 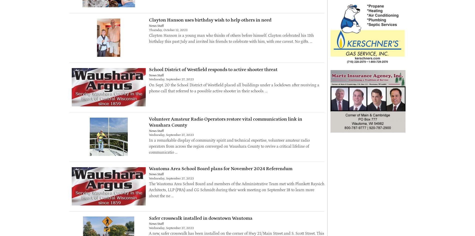 I want to click on 'Clayton Hanson is a young man who thinks of others before himself. Clayton celebrated his 11th birthday this past July and invited his friends to celebrate with him, with one caveat. No gifts.', so click(x=231, y=38).